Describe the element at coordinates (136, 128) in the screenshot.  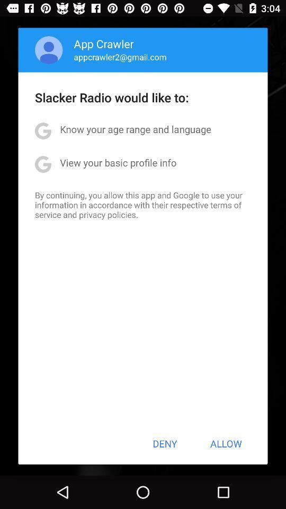
I see `the know your age icon` at that location.